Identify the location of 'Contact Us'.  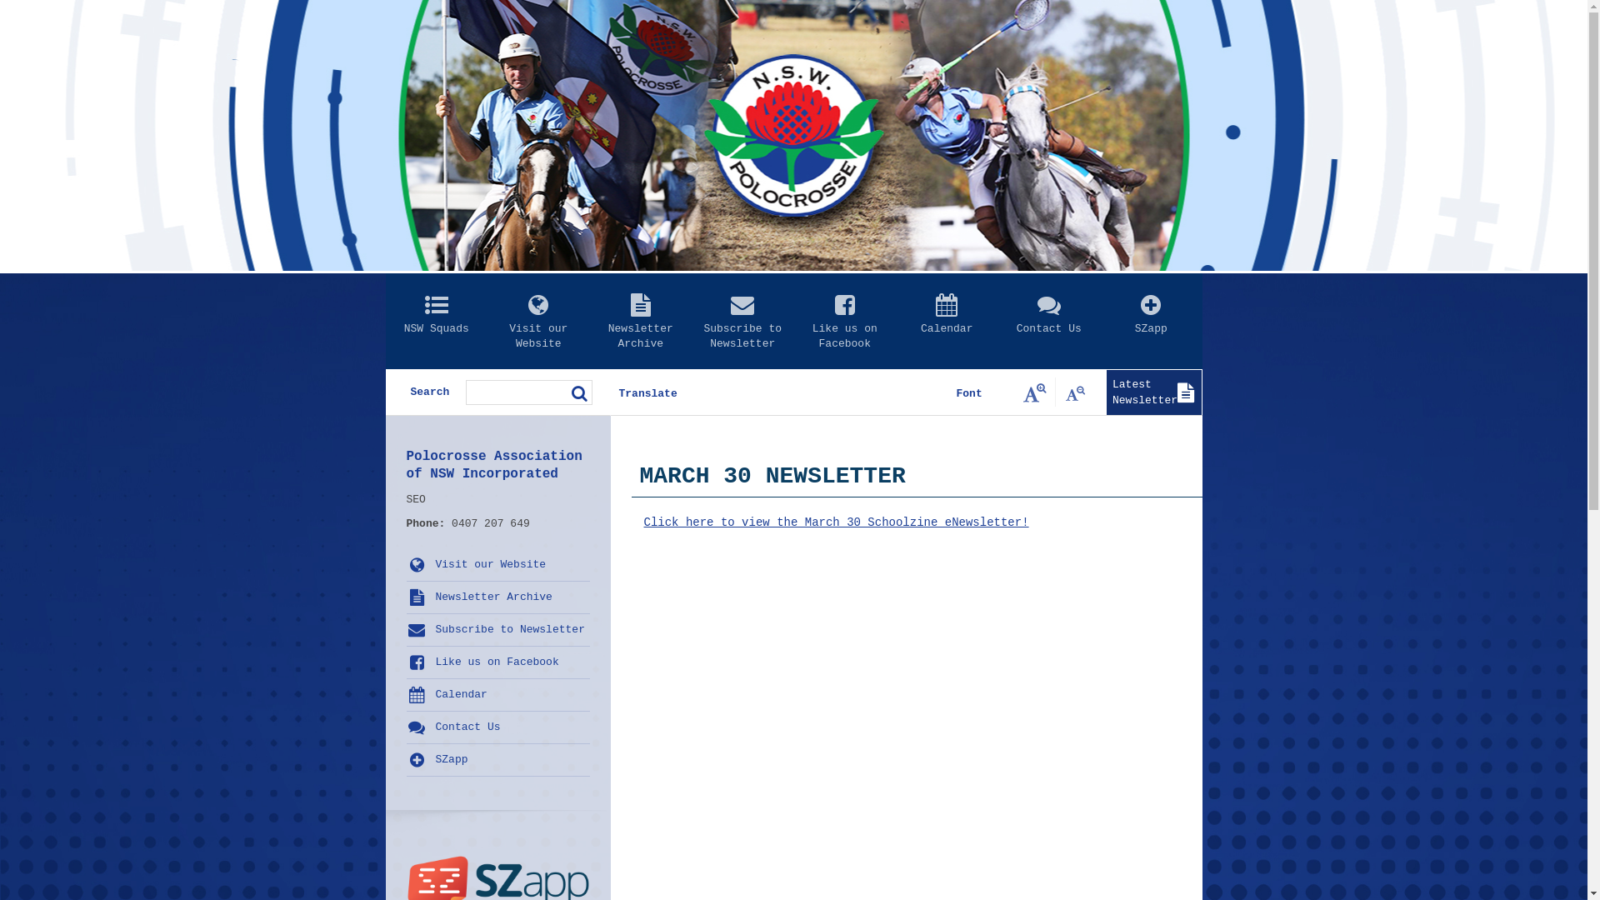
(497, 726).